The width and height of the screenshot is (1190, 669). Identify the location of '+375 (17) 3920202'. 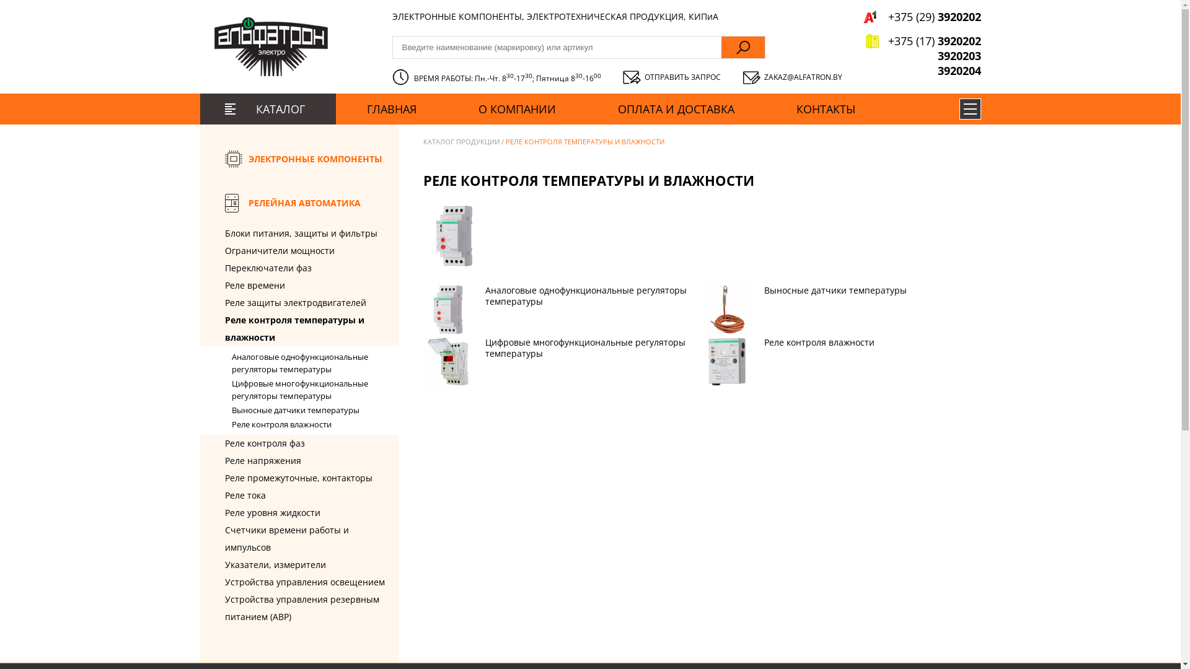
(922, 40).